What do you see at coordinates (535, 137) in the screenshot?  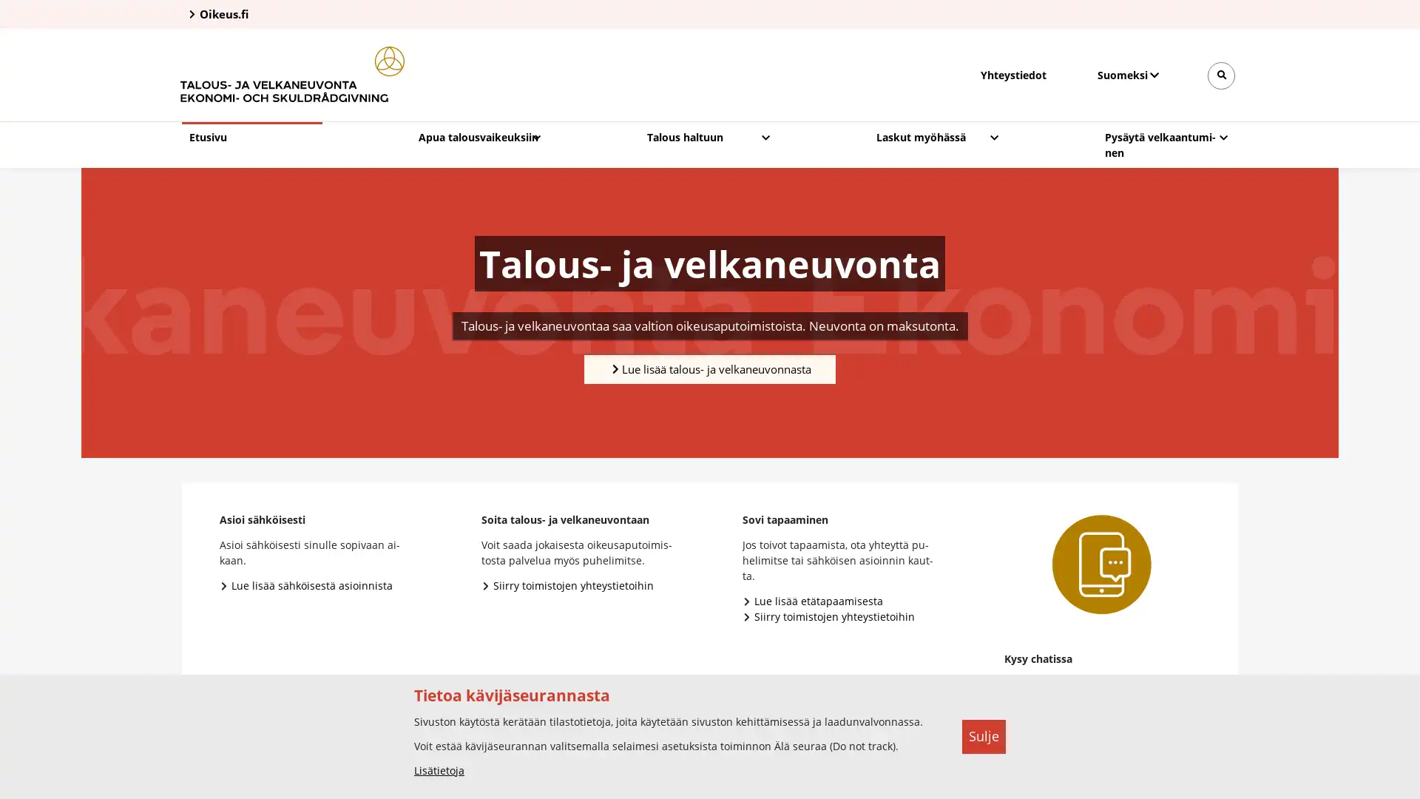 I see `Avaa pudotusvalikko` at bounding box center [535, 137].